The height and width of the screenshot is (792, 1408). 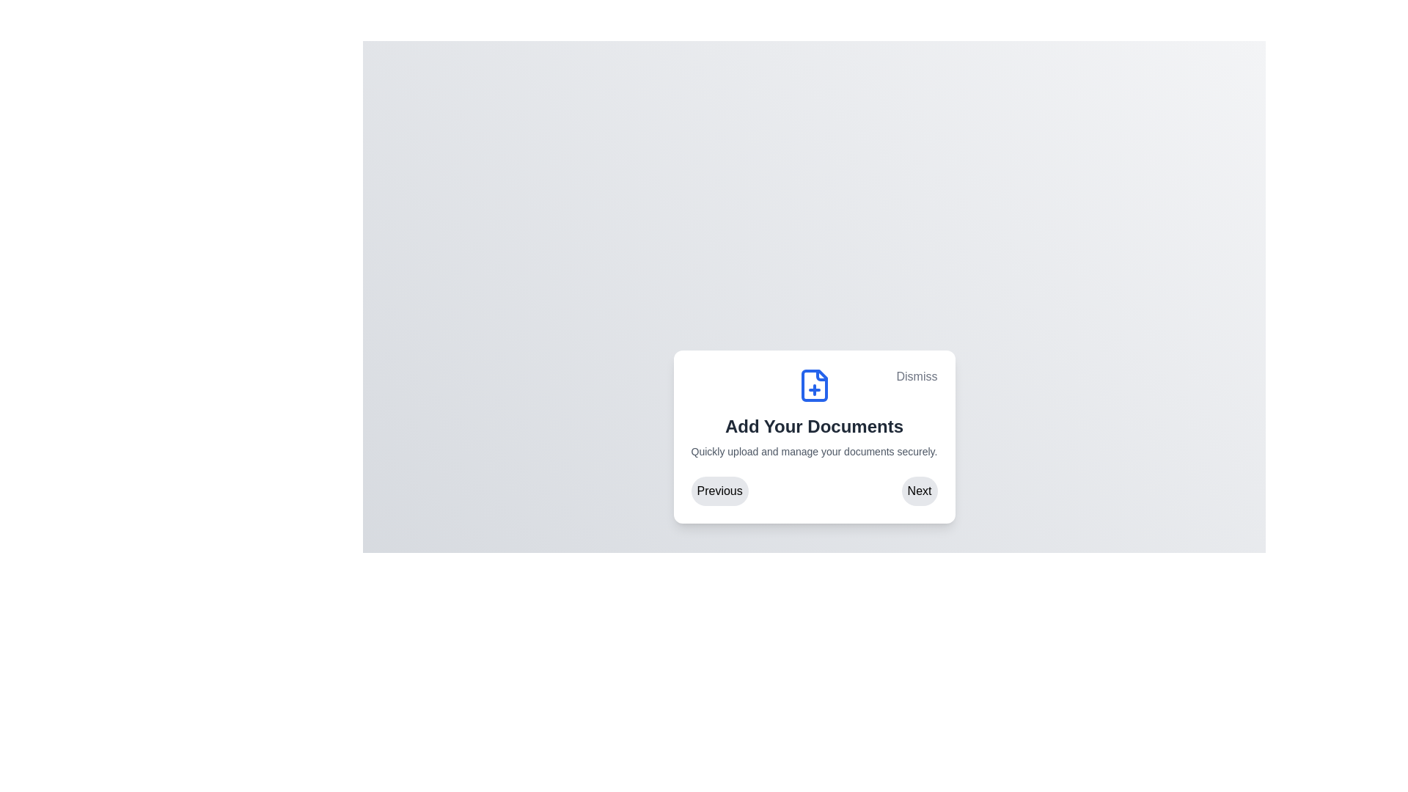 I want to click on the centered text heading "Add Your Documents" which is styled in a bold, large font size and located below a document icon with a plus symbol, so click(x=813, y=427).